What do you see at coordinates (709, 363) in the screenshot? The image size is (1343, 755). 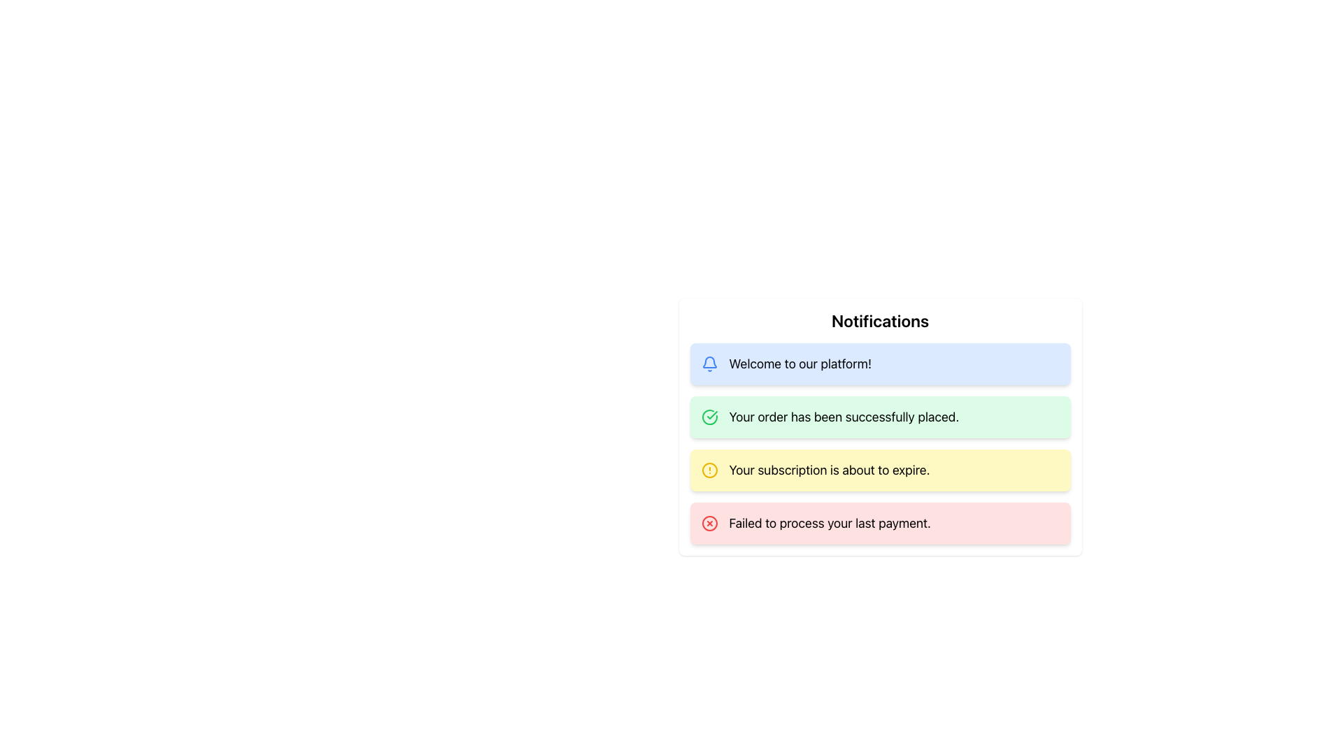 I see `the notification icon that signifies an alert, located in the first notification card with a light blue background, which contains the text 'Welcome to our platform!'` at bounding box center [709, 363].